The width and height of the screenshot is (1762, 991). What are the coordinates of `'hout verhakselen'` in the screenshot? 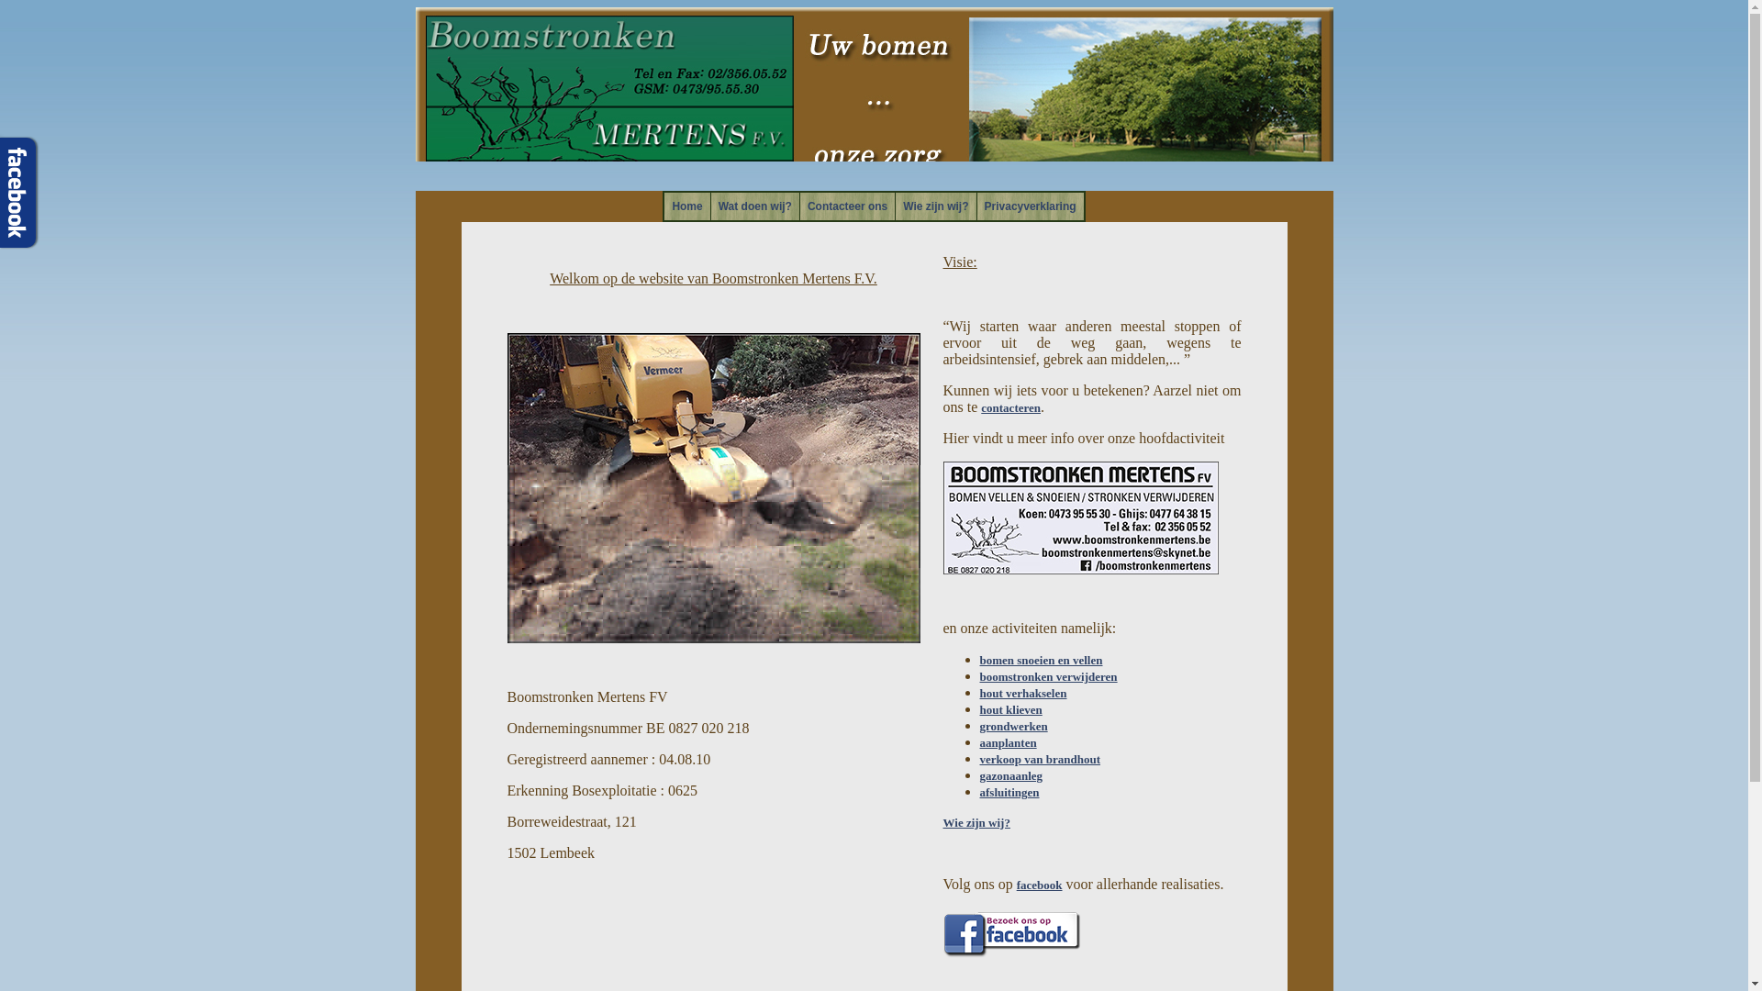 It's located at (1022, 693).